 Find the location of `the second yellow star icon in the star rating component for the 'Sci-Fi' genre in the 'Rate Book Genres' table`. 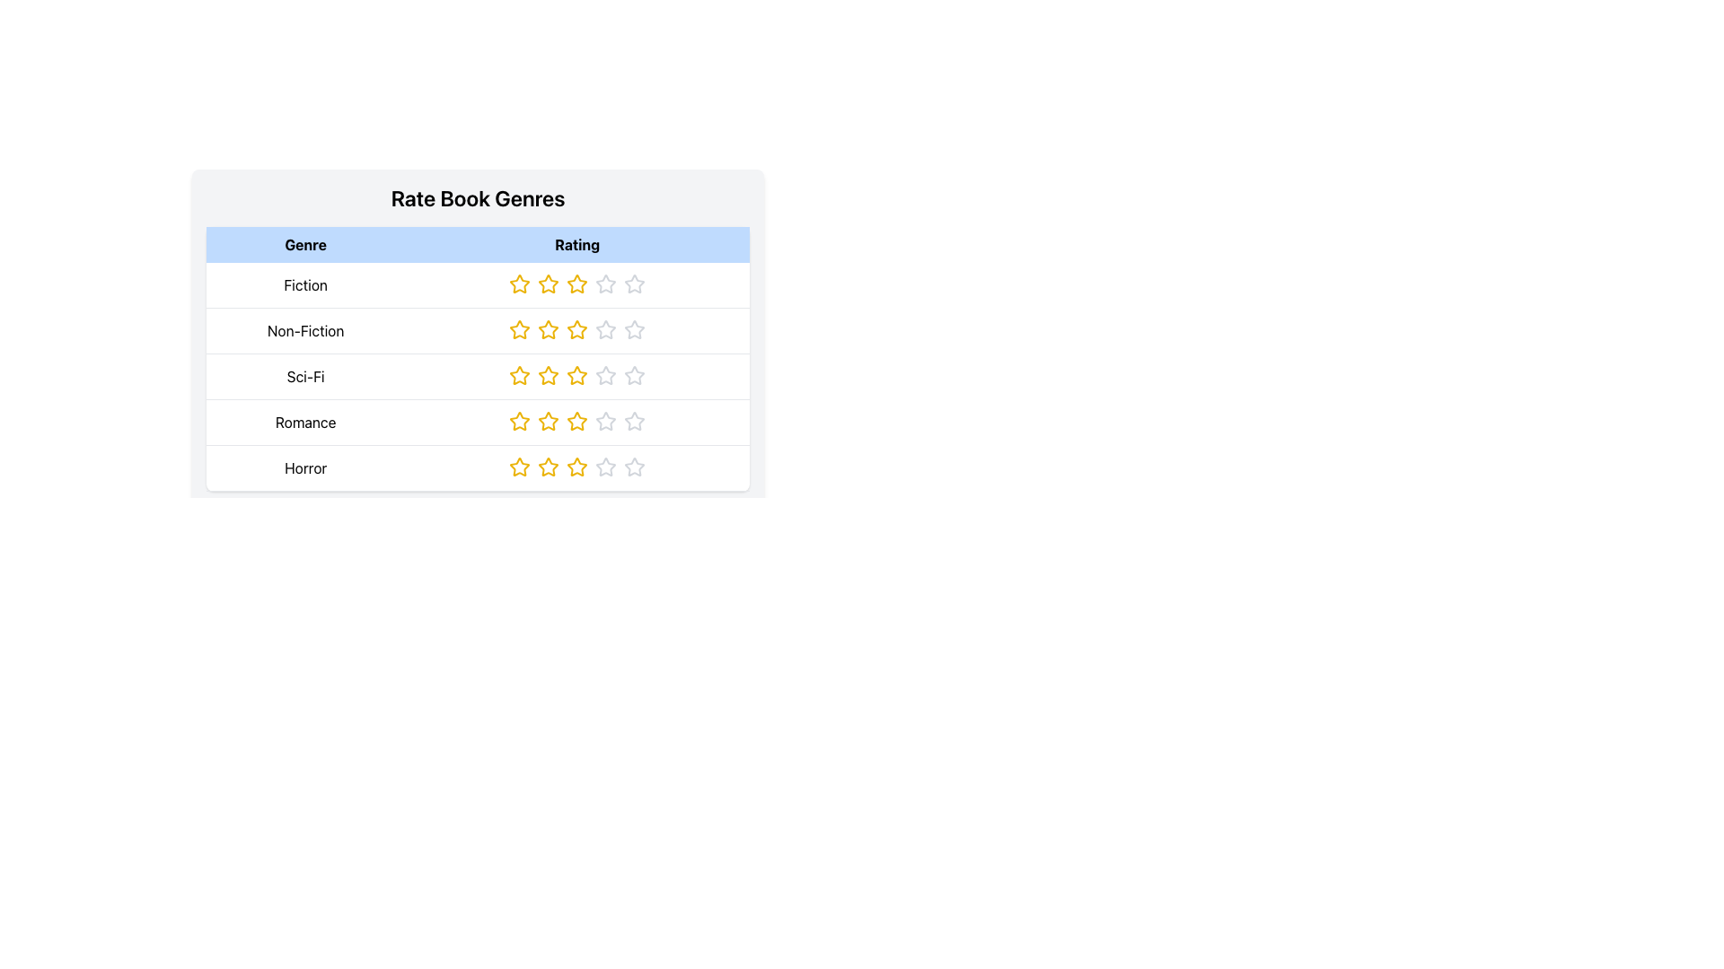

the second yellow star icon in the star rating component for the 'Sci-Fi' genre in the 'Rate Book Genres' table is located at coordinates (519, 375).